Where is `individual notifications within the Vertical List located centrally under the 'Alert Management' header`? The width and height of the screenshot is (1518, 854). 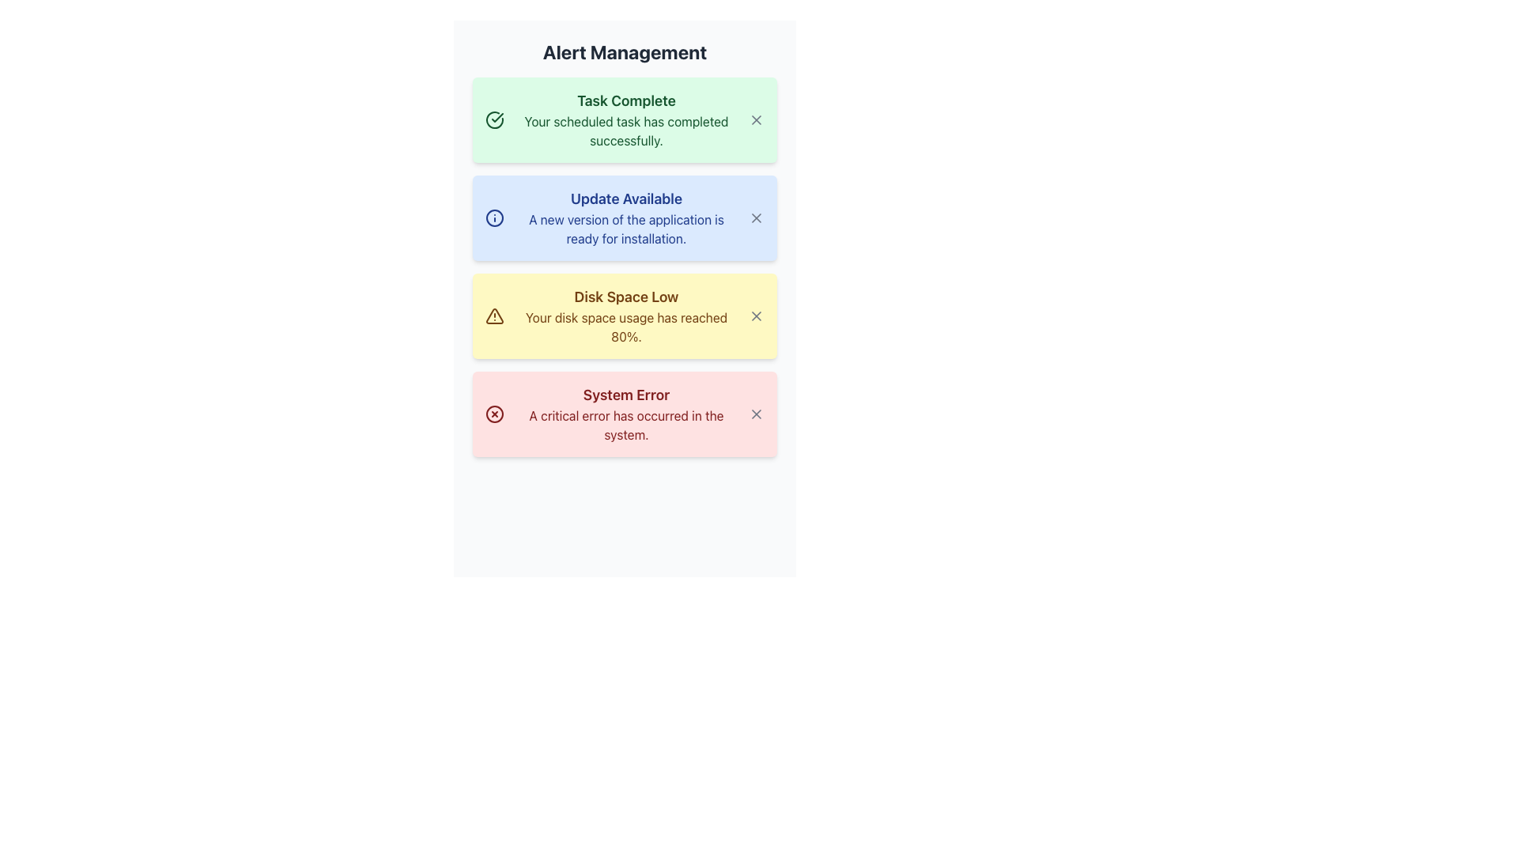
individual notifications within the Vertical List located centrally under the 'Alert Management' header is located at coordinates (624, 266).